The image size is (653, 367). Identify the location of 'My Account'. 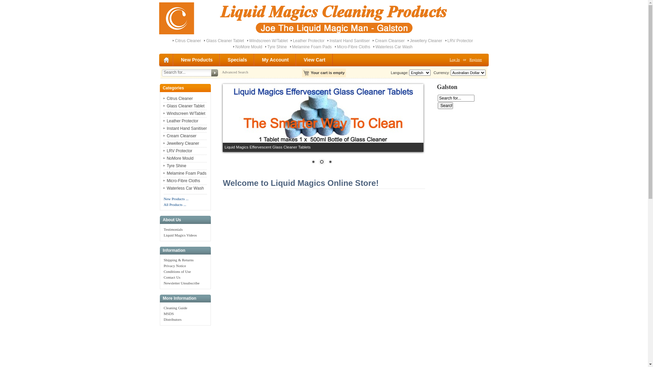
(275, 59).